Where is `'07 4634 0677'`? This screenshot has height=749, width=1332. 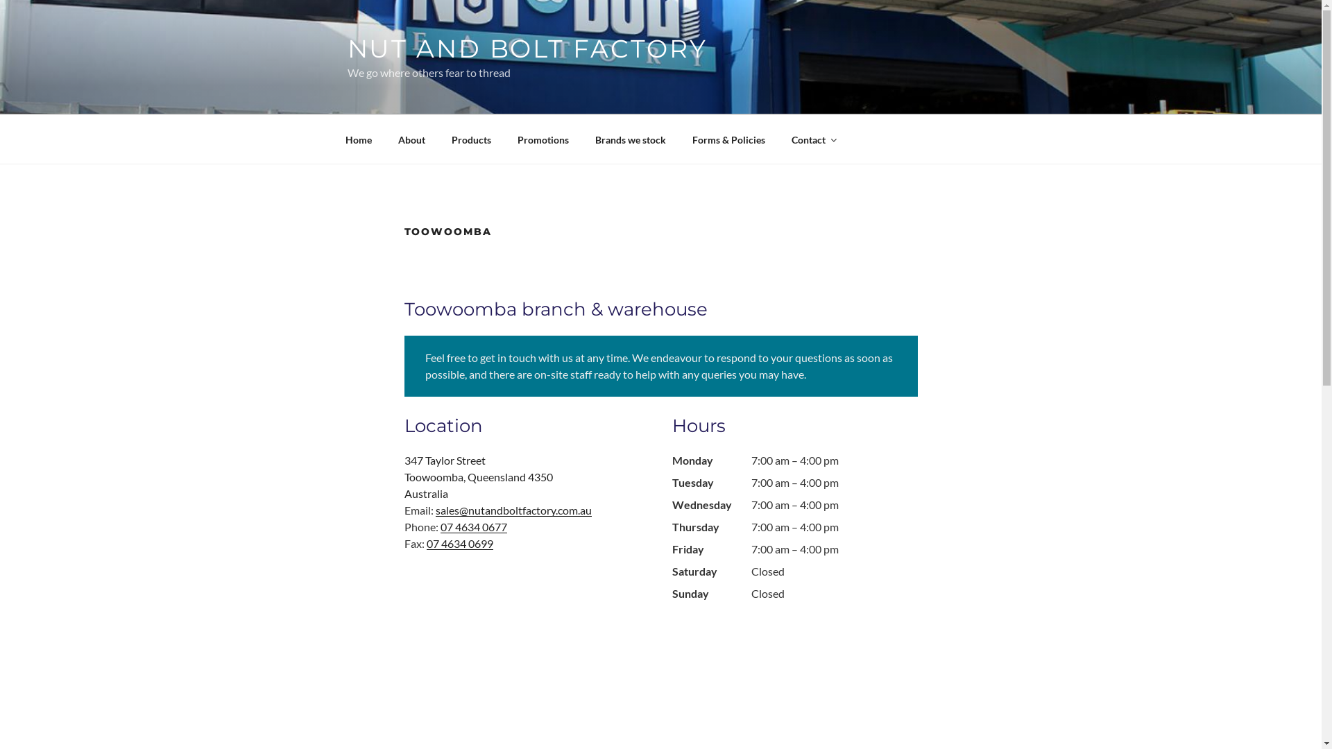
'07 4634 0677' is located at coordinates (472, 526).